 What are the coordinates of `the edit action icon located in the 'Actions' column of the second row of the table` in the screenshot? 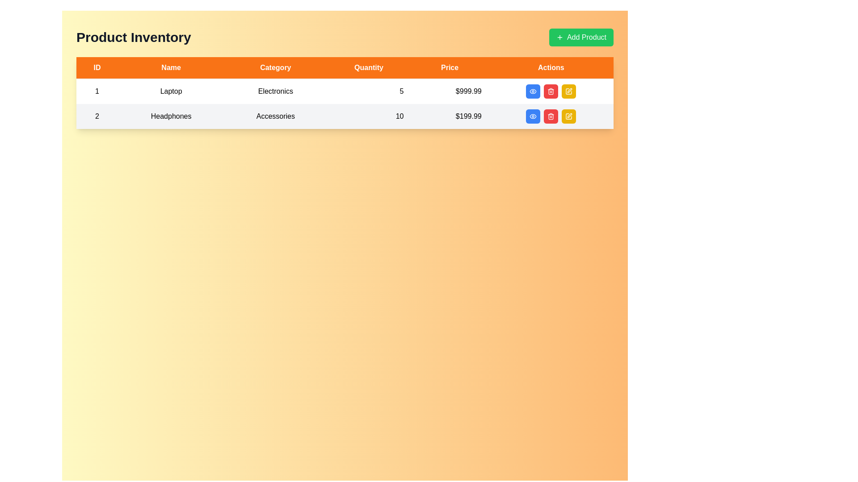 It's located at (569, 91).